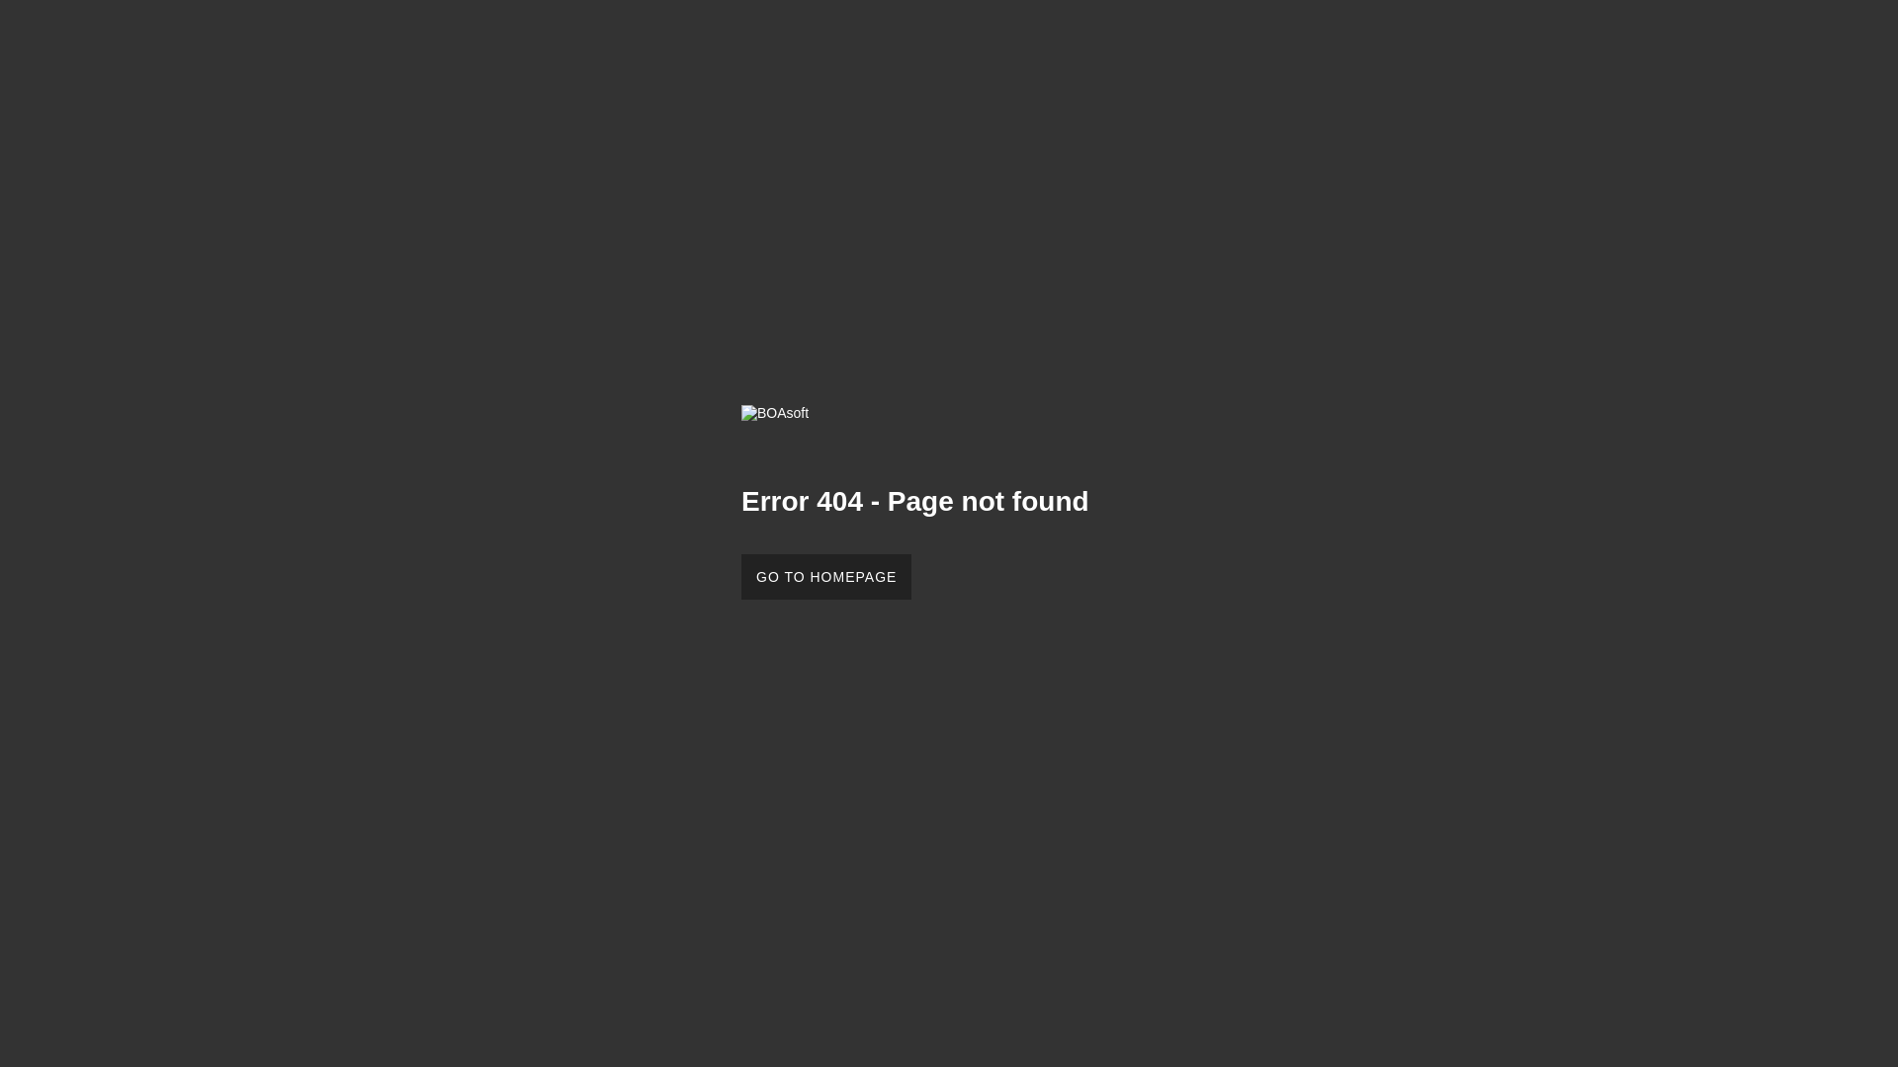 This screenshot has height=1067, width=1898. I want to click on 'GO TO HOMEPAGE', so click(739, 576).